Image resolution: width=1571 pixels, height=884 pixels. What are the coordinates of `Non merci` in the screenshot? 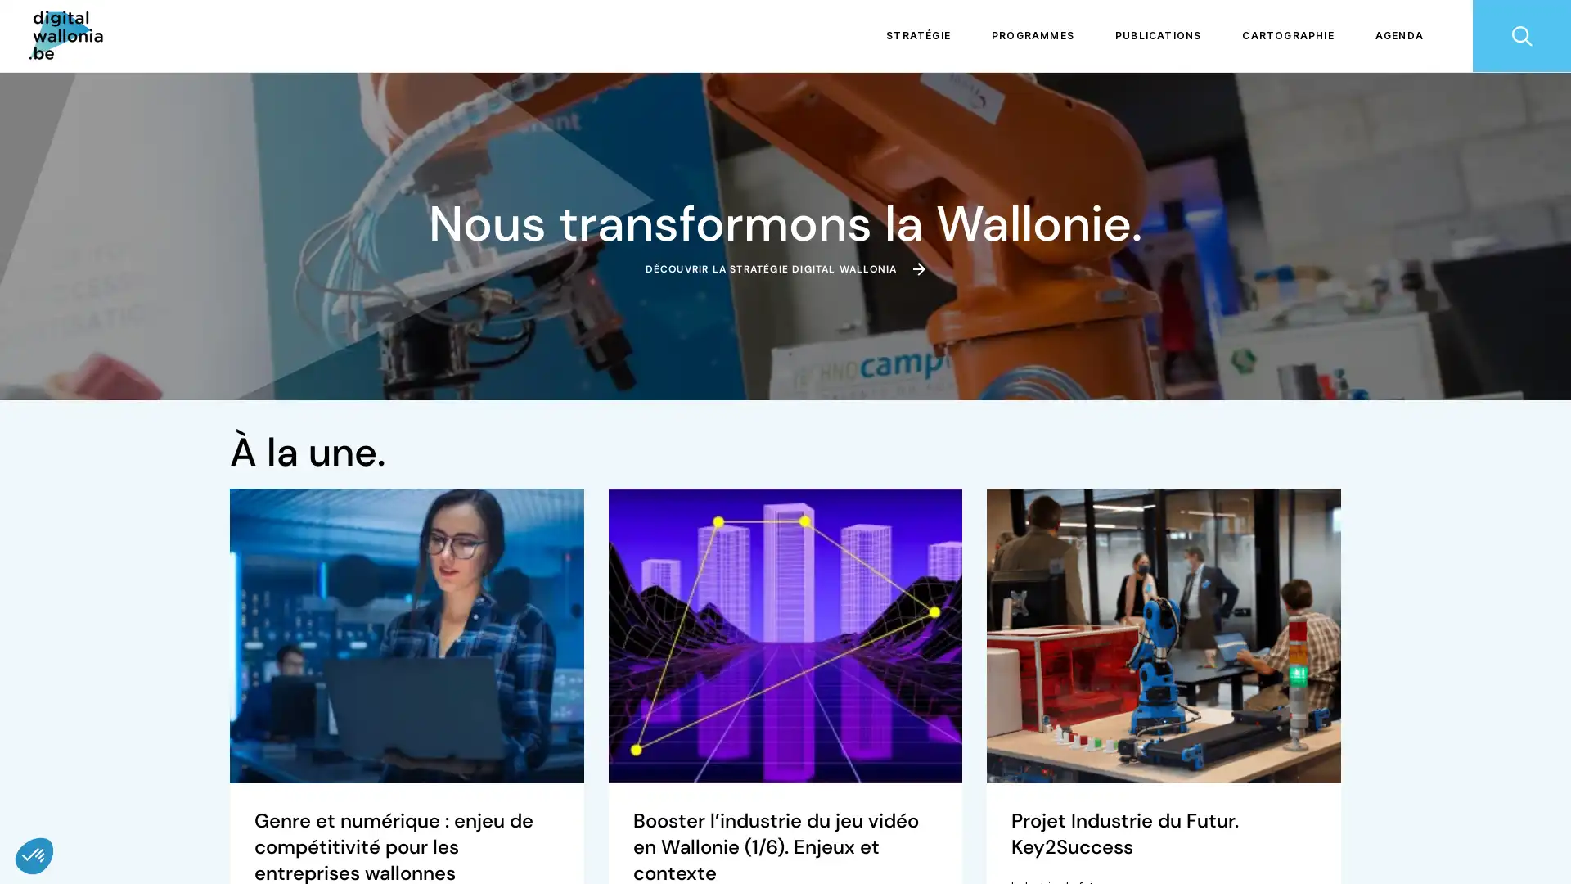 It's located at (73, 801).